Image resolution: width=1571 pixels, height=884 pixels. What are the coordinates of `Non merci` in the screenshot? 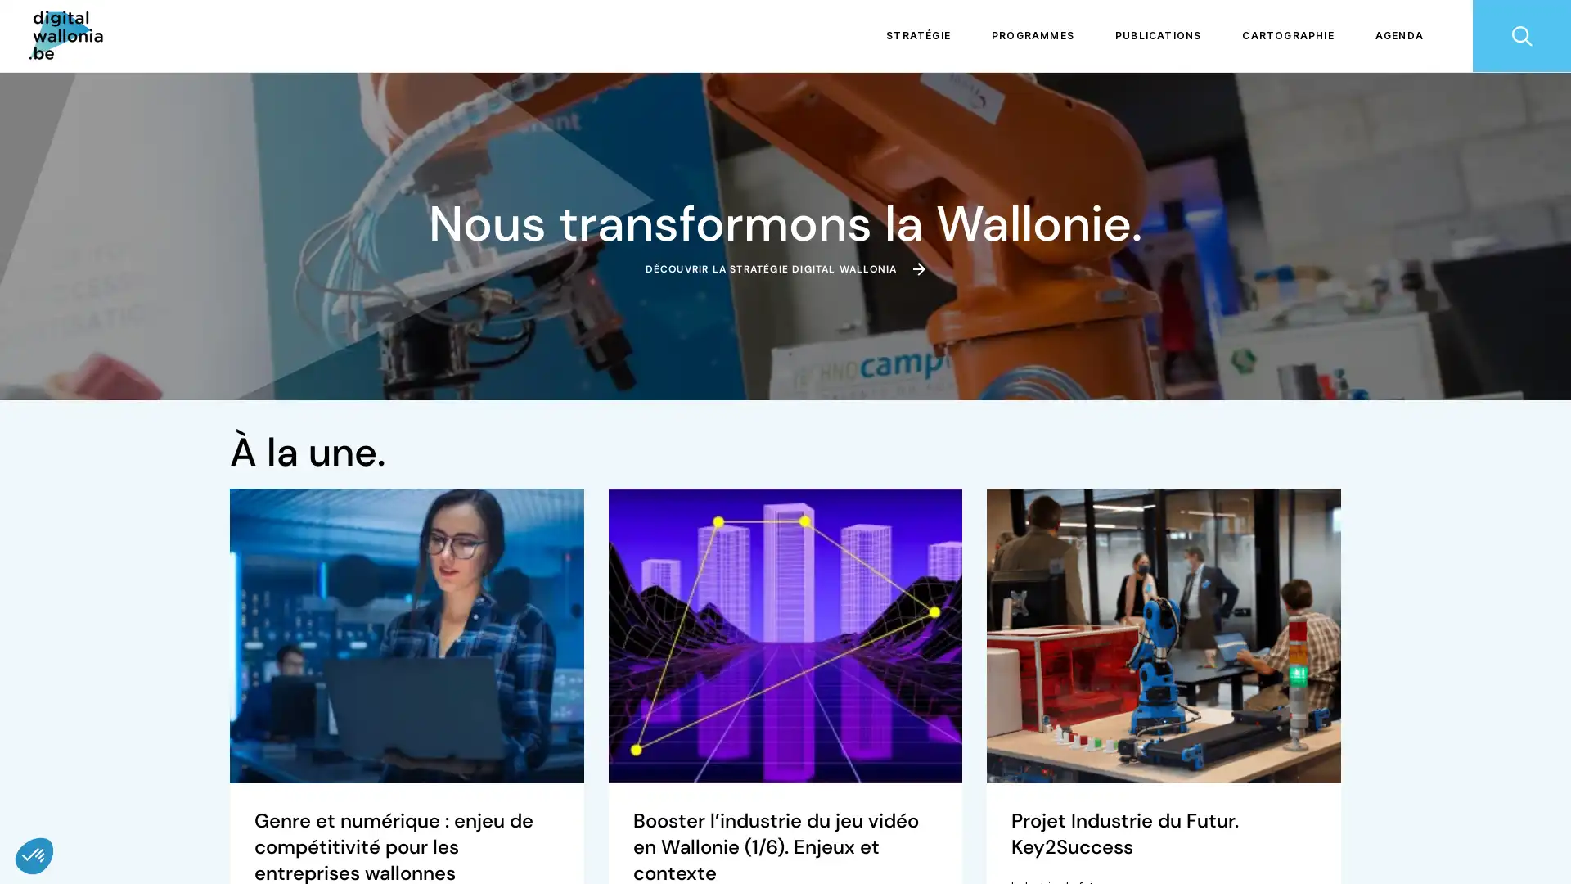 It's located at (73, 801).